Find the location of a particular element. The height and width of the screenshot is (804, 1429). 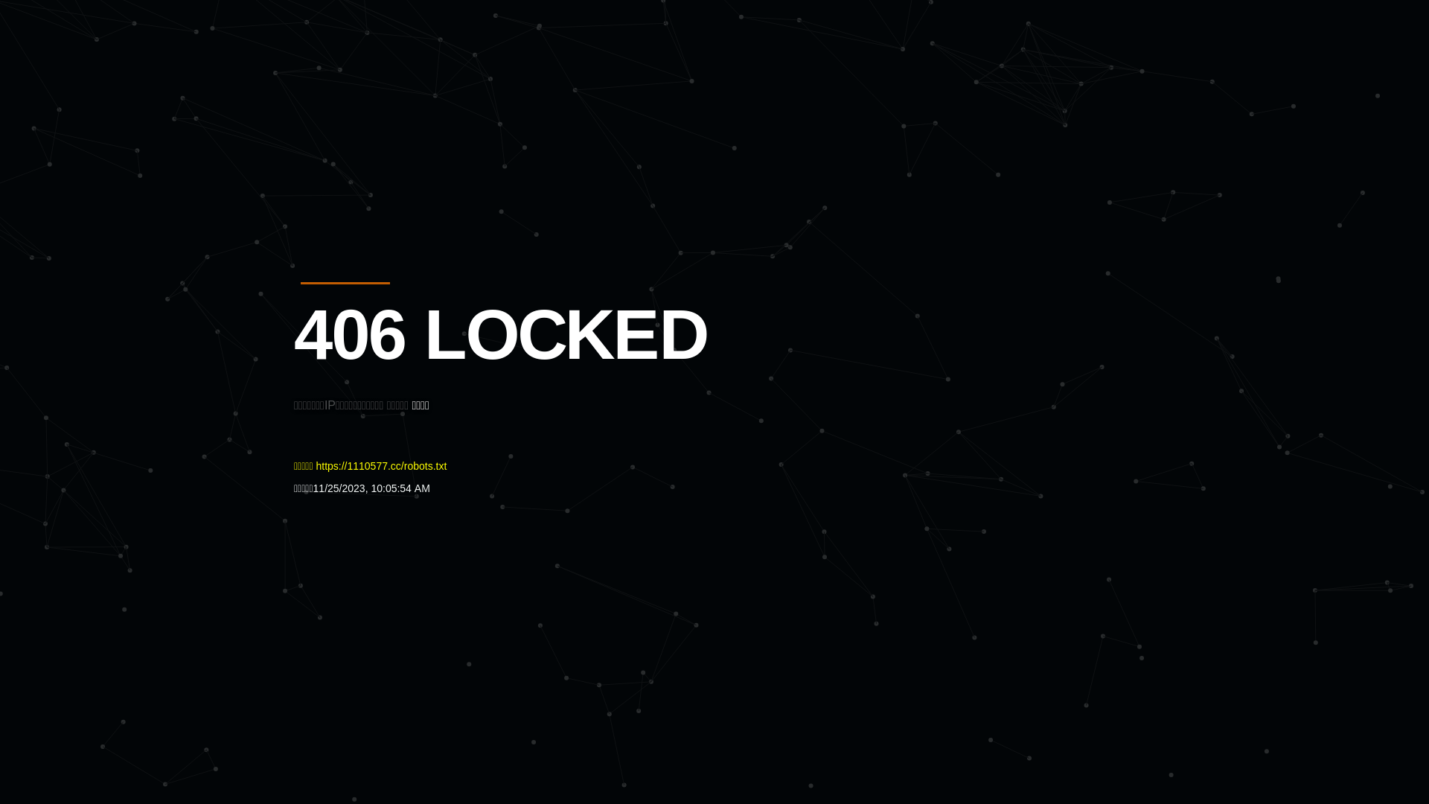

'Quatro' is located at coordinates (403, 85).